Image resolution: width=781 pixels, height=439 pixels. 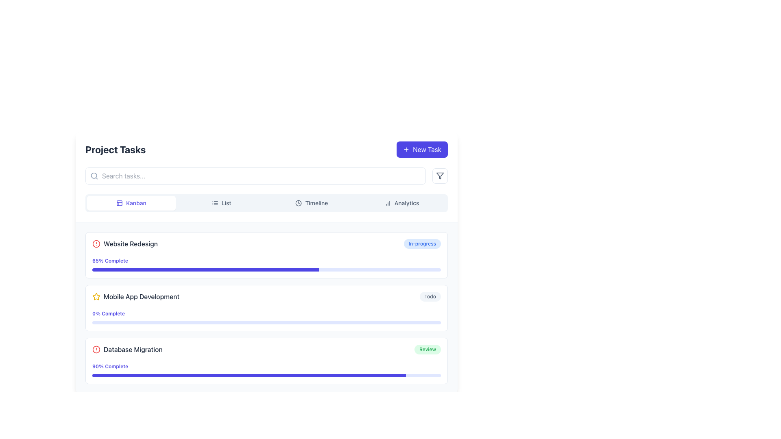 What do you see at coordinates (127, 349) in the screenshot?
I see `the warning icon associated with the 'Database Migration' task` at bounding box center [127, 349].